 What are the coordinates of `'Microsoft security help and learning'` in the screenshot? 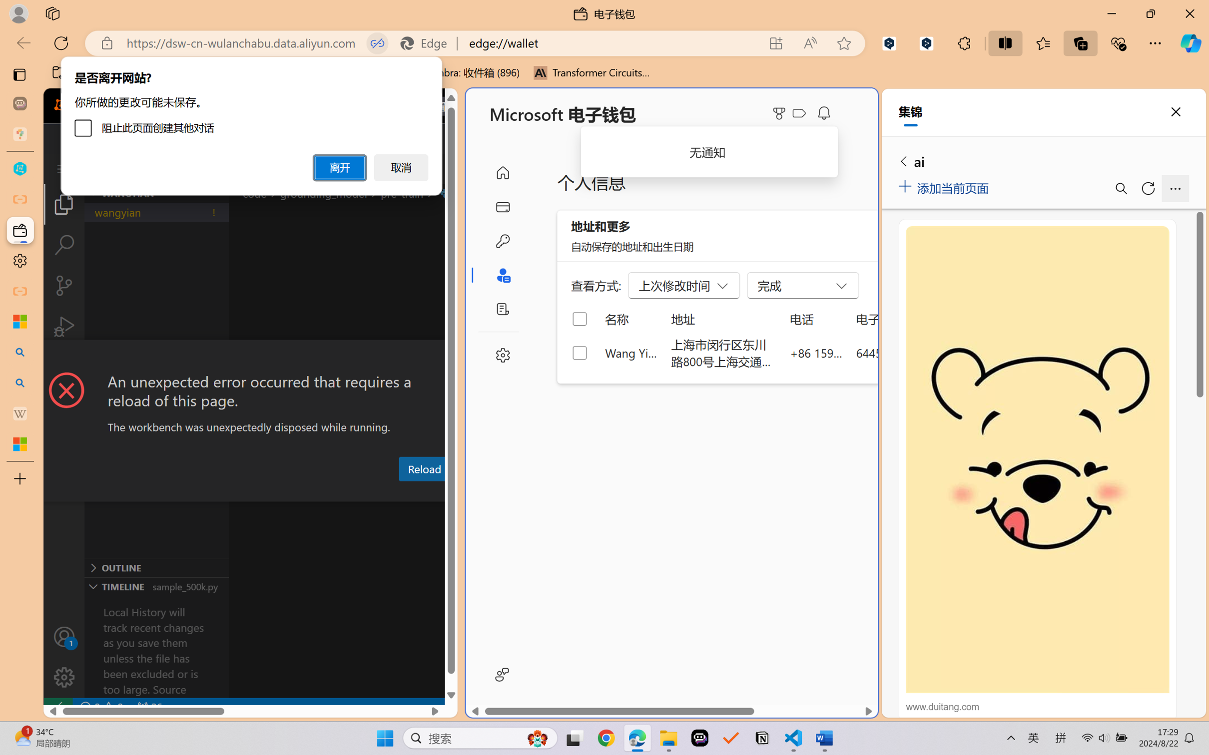 It's located at (19, 321).